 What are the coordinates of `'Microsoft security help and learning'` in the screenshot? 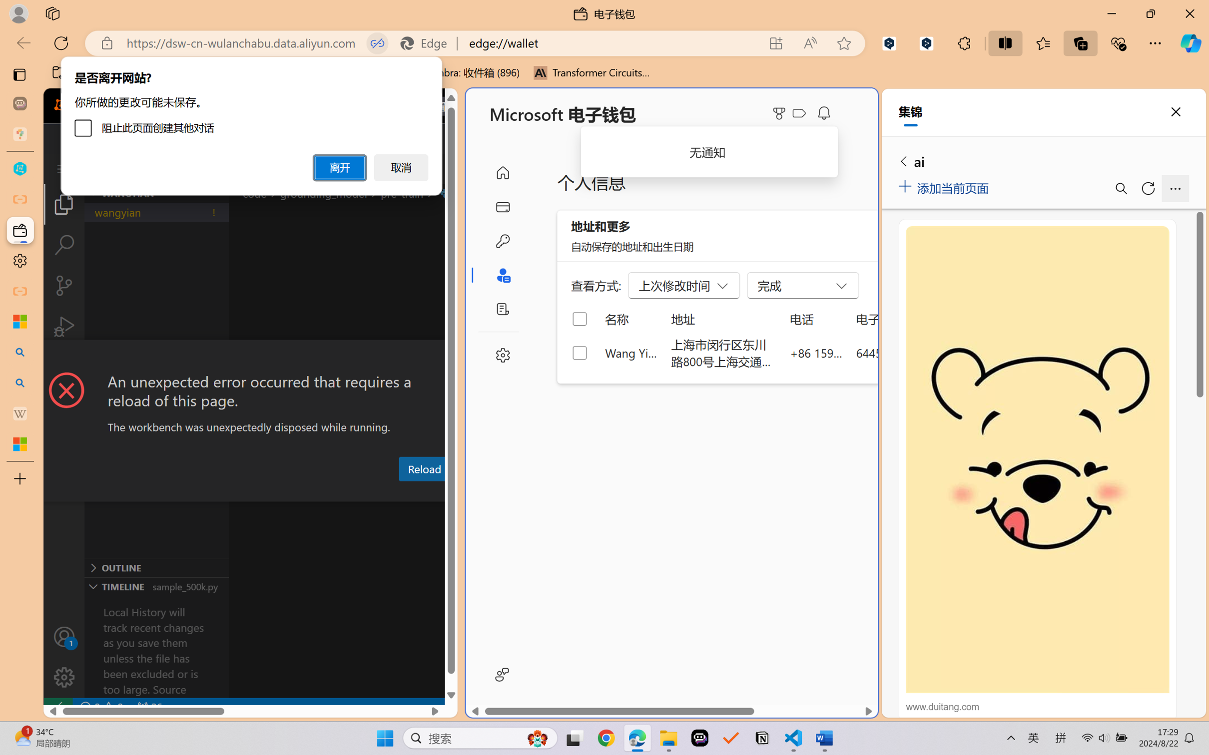 It's located at (19, 321).